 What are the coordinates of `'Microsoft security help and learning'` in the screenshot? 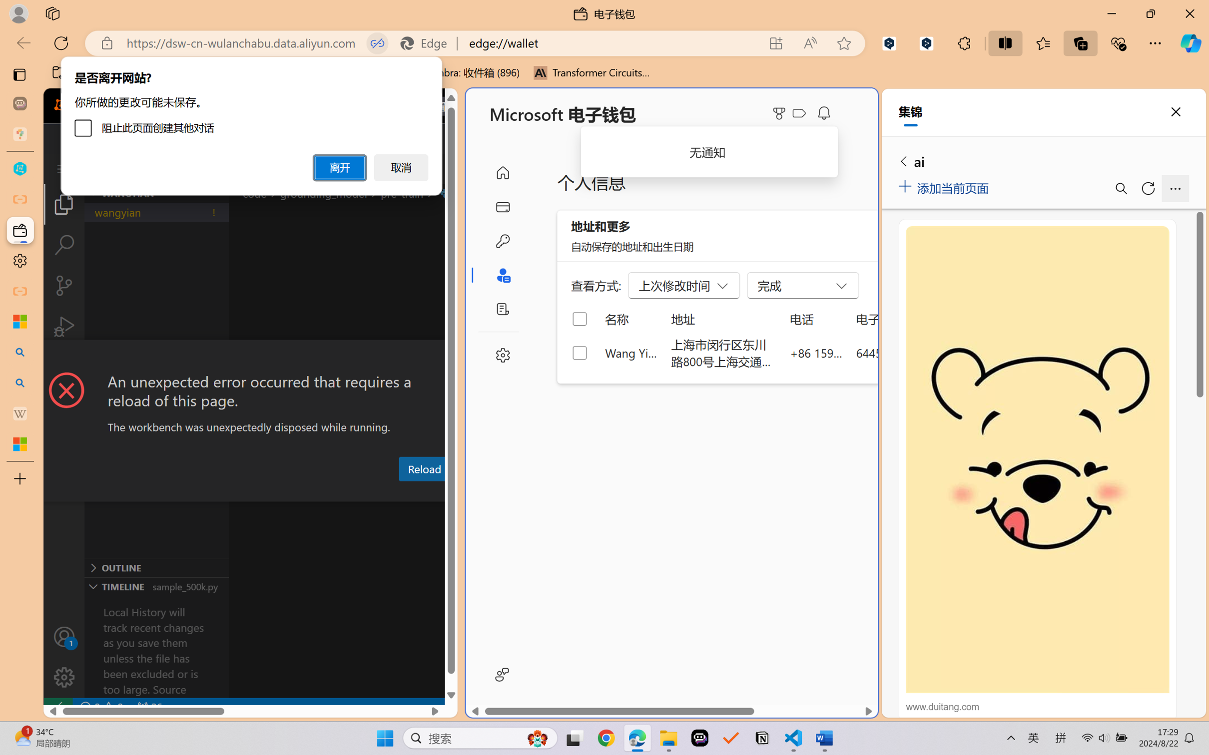 It's located at (19, 321).